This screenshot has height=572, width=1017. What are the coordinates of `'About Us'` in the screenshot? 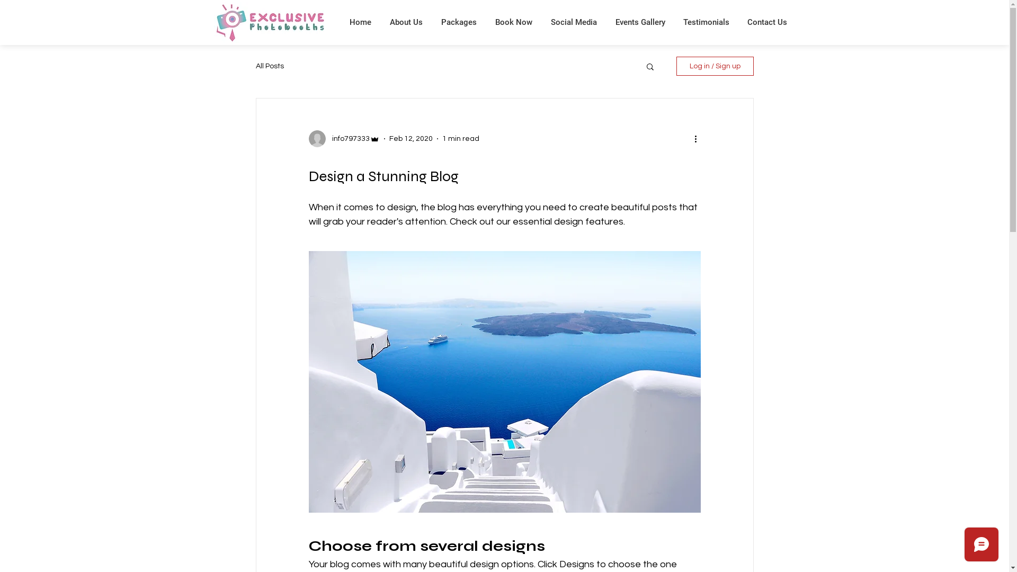 It's located at (405, 22).